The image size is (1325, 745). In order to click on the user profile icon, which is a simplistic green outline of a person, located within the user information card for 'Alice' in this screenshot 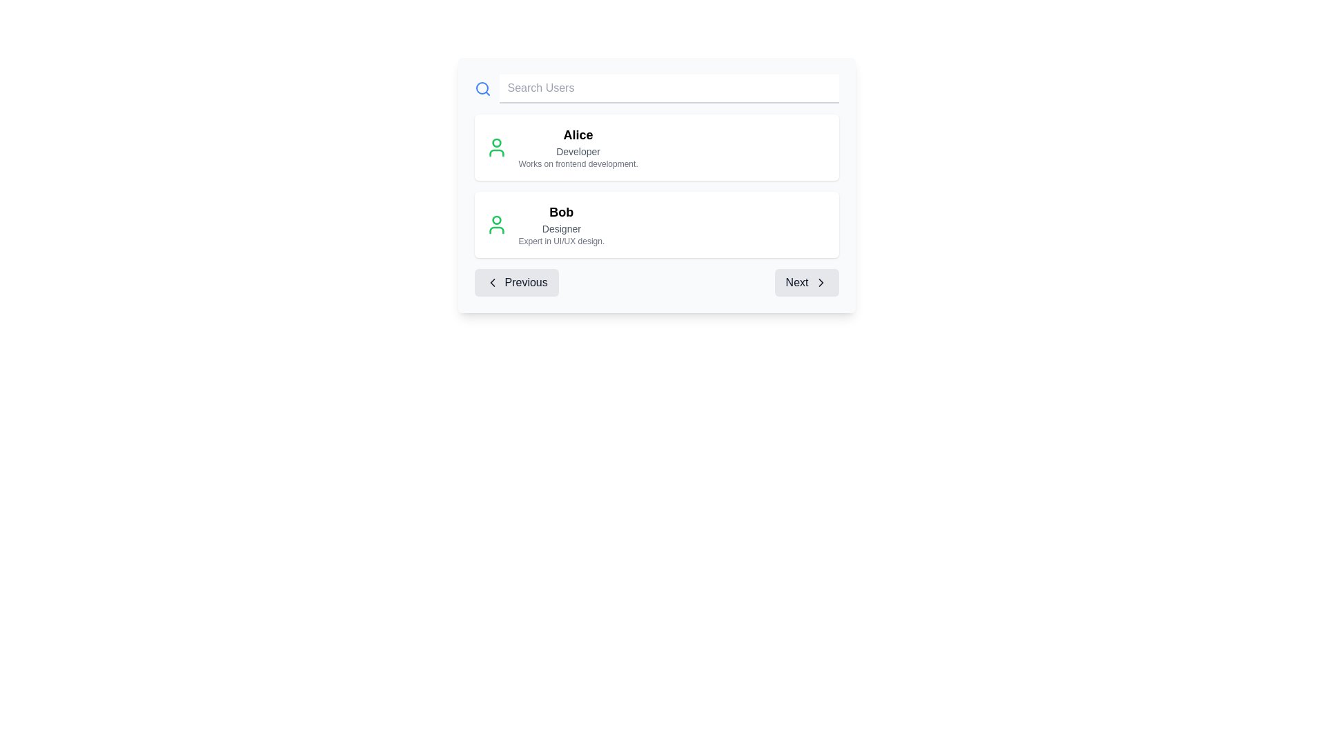, I will do `click(496, 147)`.